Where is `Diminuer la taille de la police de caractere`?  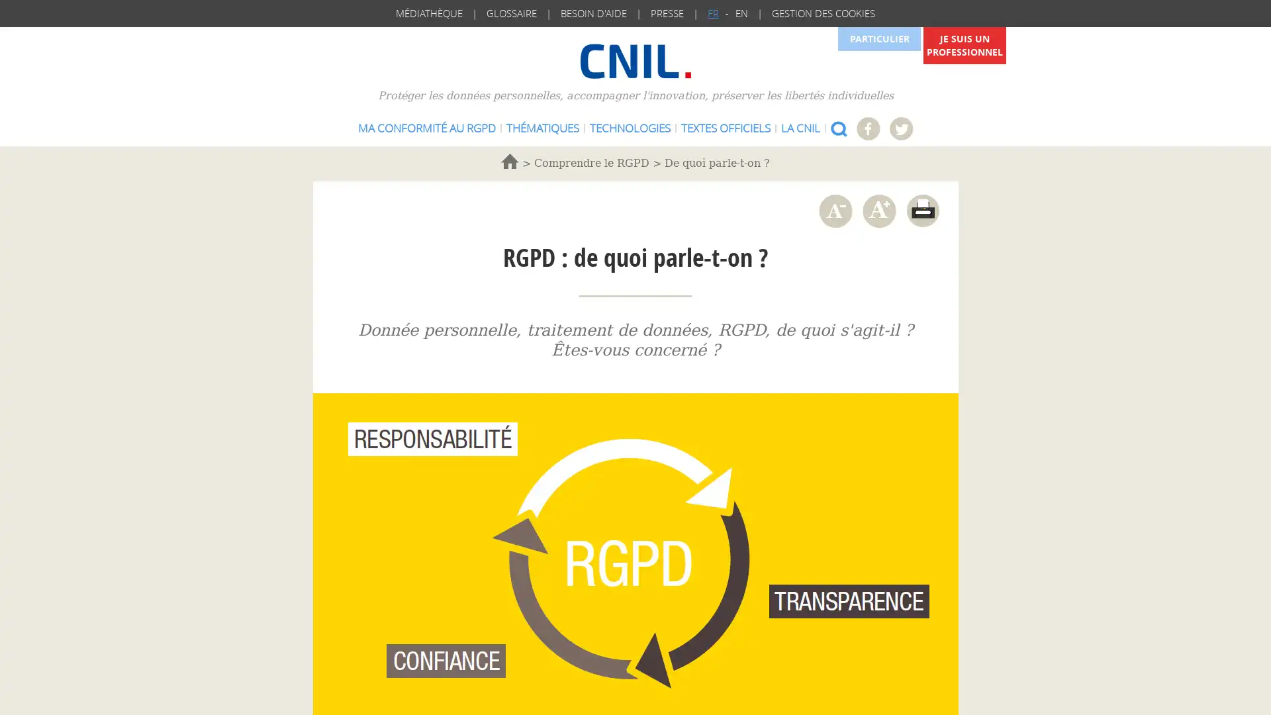 Diminuer la taille de la police de caractere is located at coordinates (834, 210).